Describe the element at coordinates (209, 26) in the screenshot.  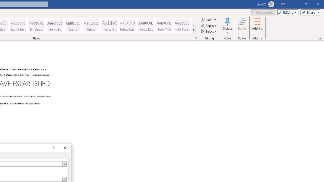
I see `'Replace...'` at that location.